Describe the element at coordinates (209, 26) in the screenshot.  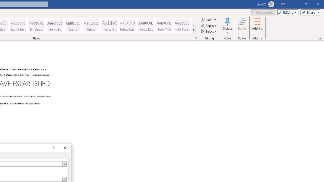
I see `'Replace...'` at that location.